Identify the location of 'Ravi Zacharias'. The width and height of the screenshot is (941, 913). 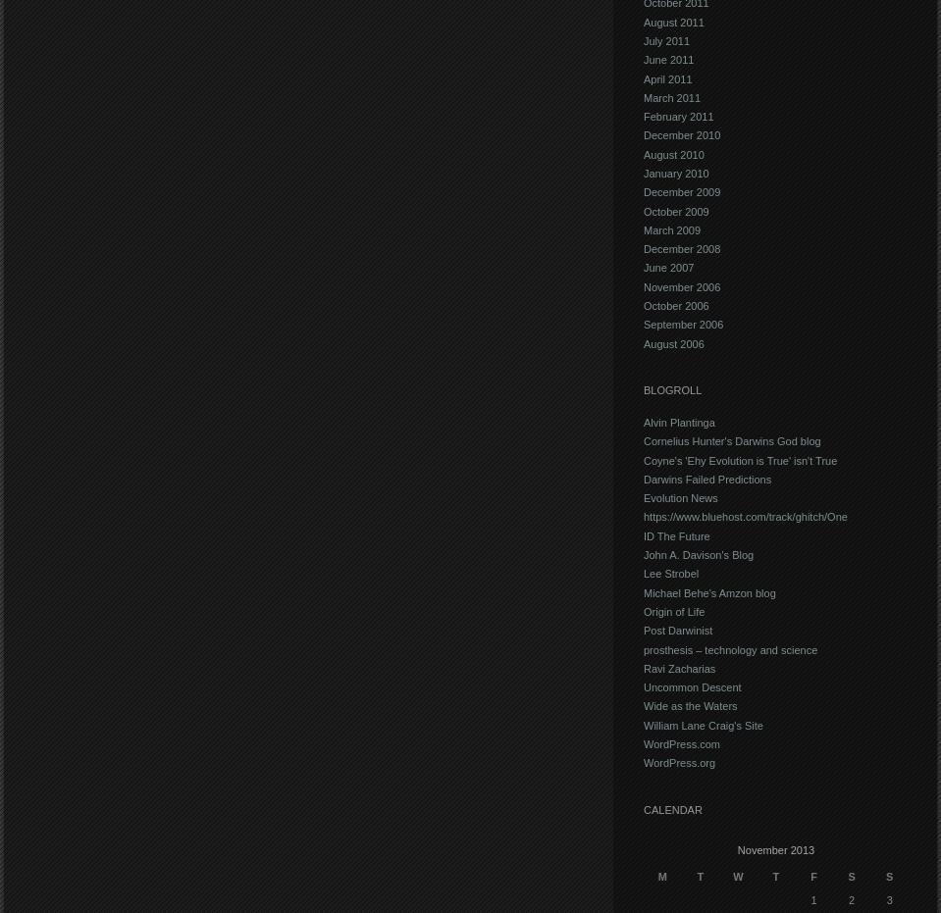
(678, 667).